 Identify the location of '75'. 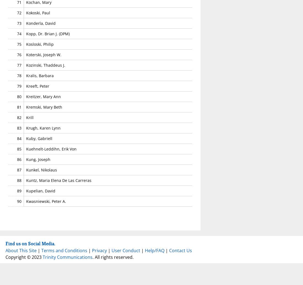
(19, 44).